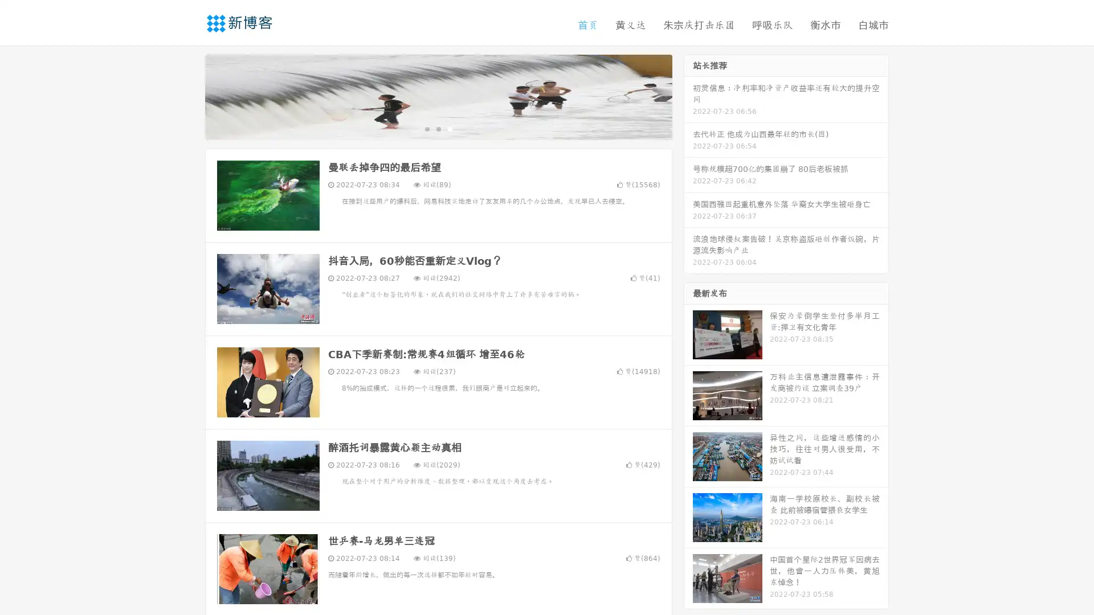  I want to click on Go to slide 3, so click(450, 128).